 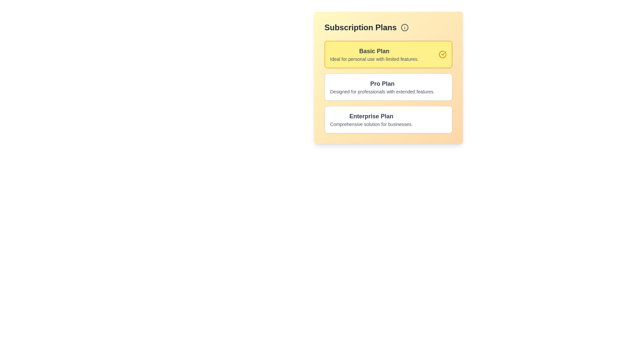 I want to click on the 'Pro Plan' subscription card, so click(x=388, y=87).